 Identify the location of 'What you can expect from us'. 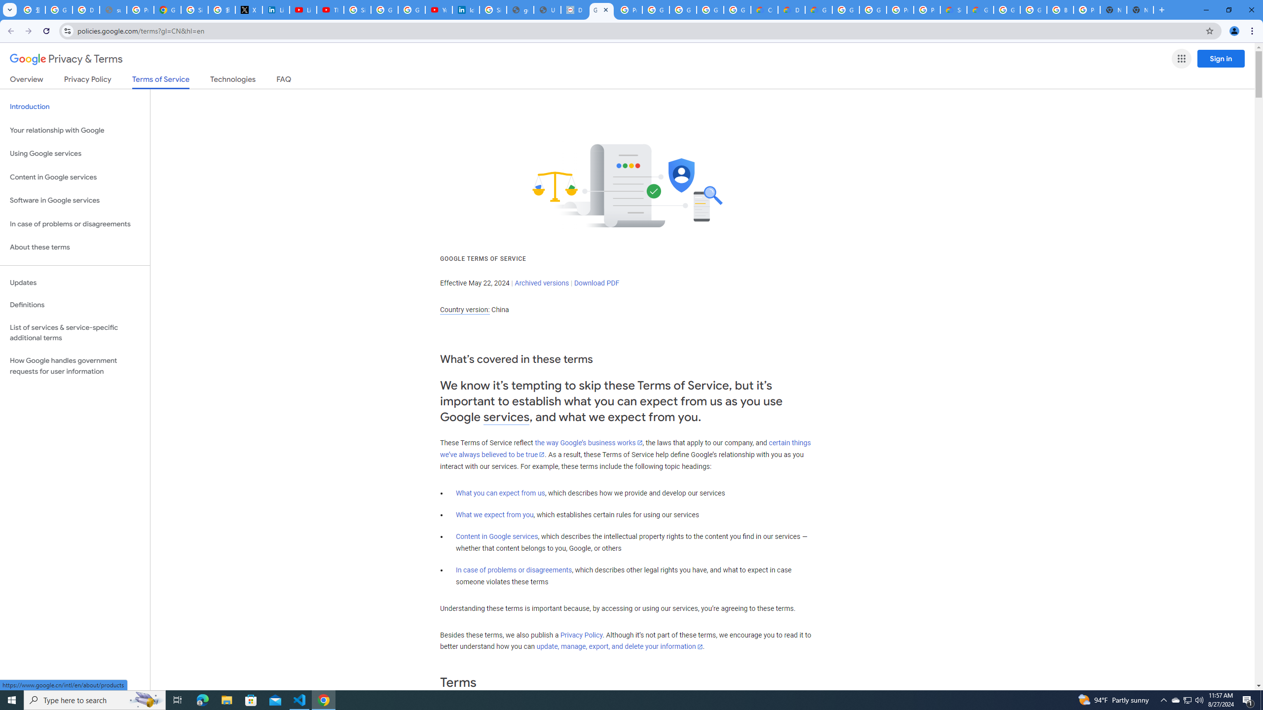
(501, 493).